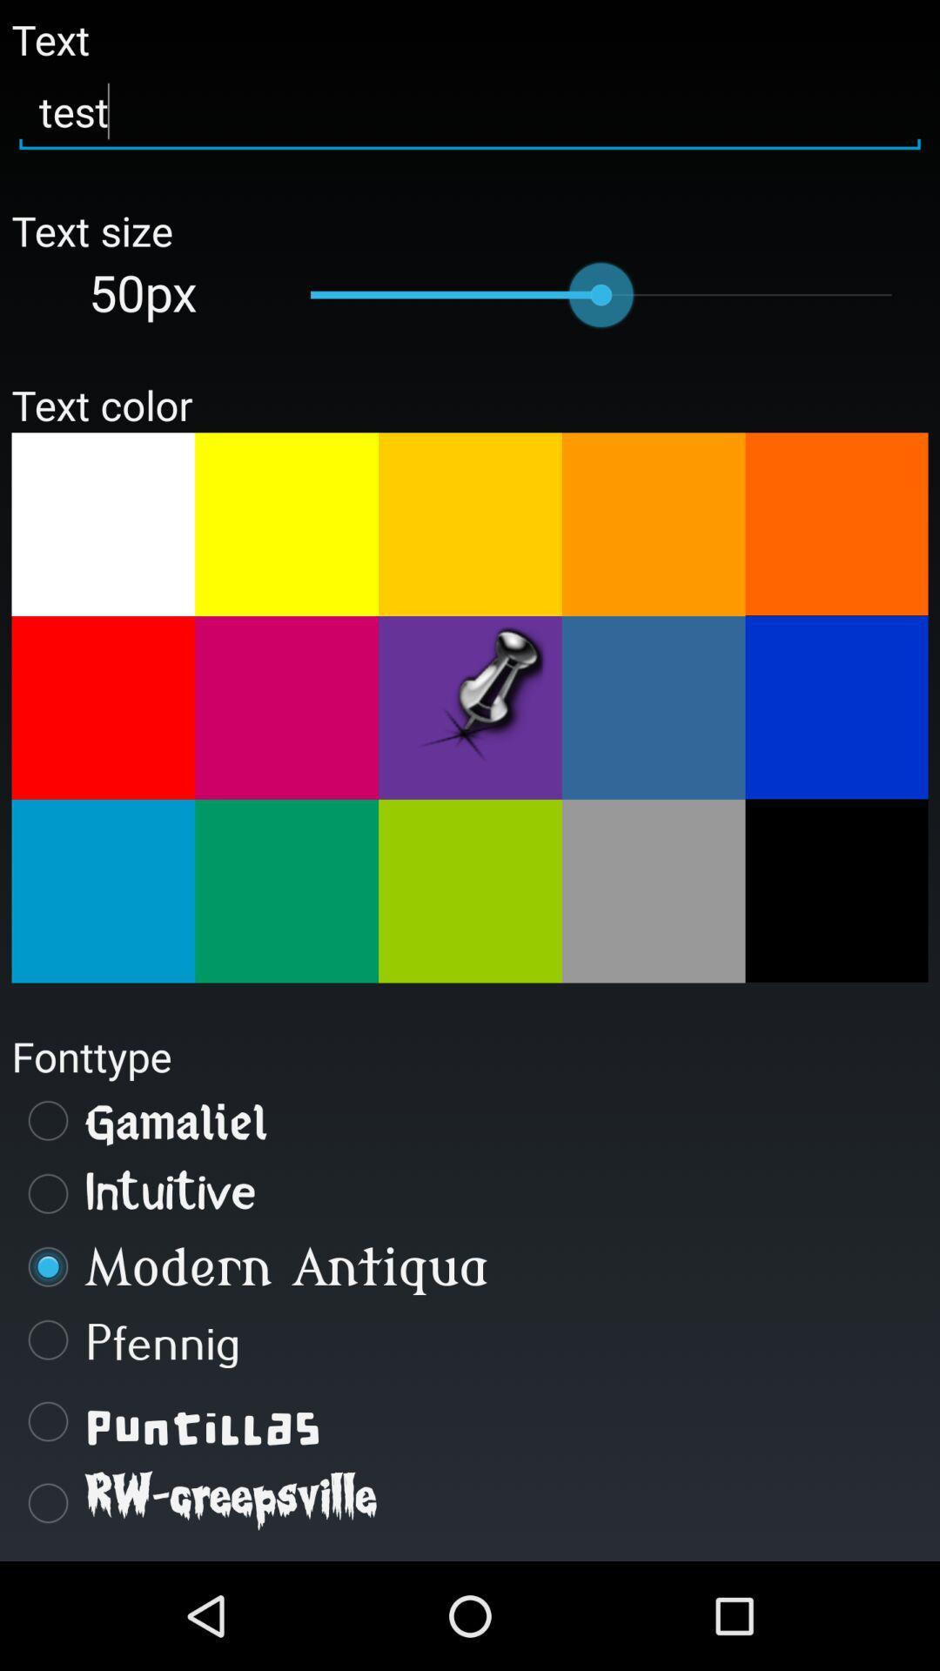 This screenshot has width=940, height=1671. What do you see at coordinates (654, 523) in the screenshot?
I see `pick color` at bounding box center [654, 523].